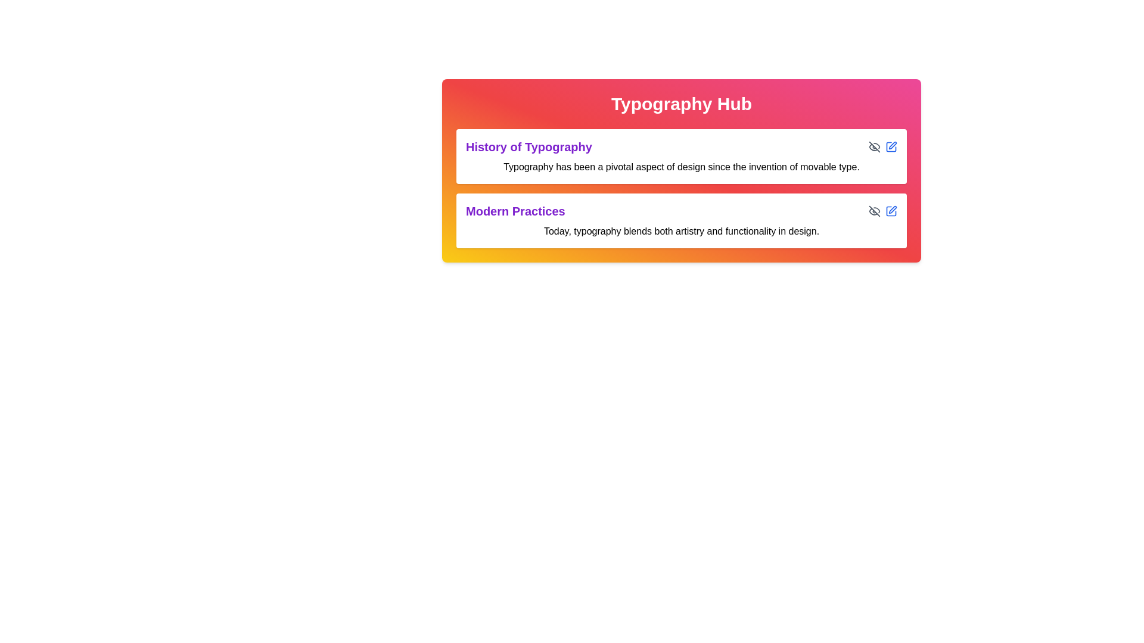  I want to click on the eye-off icon button located in the lower row of a two-item vertical list, so click(875, 146).